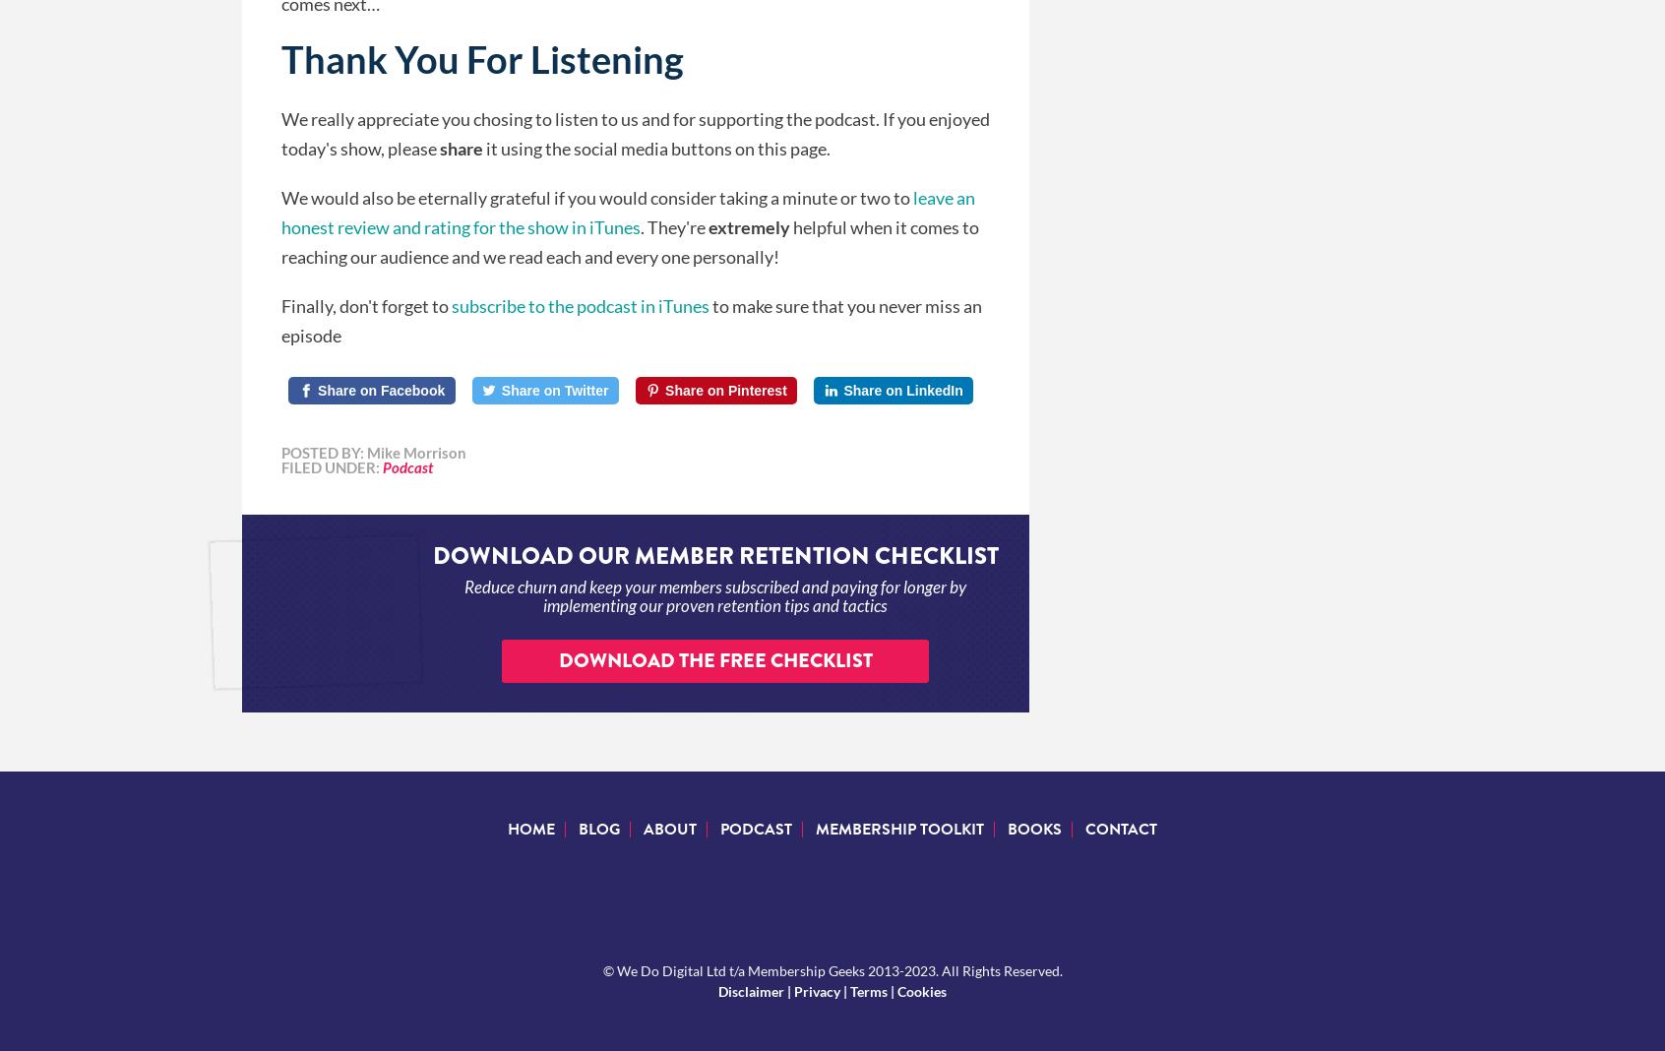 This screenshot has height=1051, width=1665. What do you see at coordinates (832, 969) in the screenshot?
I see `'© We Do Digital Ltd t/a Membership Geeks 2013-2023. All Rights Reserved.'` at bounding box center [832, 969].